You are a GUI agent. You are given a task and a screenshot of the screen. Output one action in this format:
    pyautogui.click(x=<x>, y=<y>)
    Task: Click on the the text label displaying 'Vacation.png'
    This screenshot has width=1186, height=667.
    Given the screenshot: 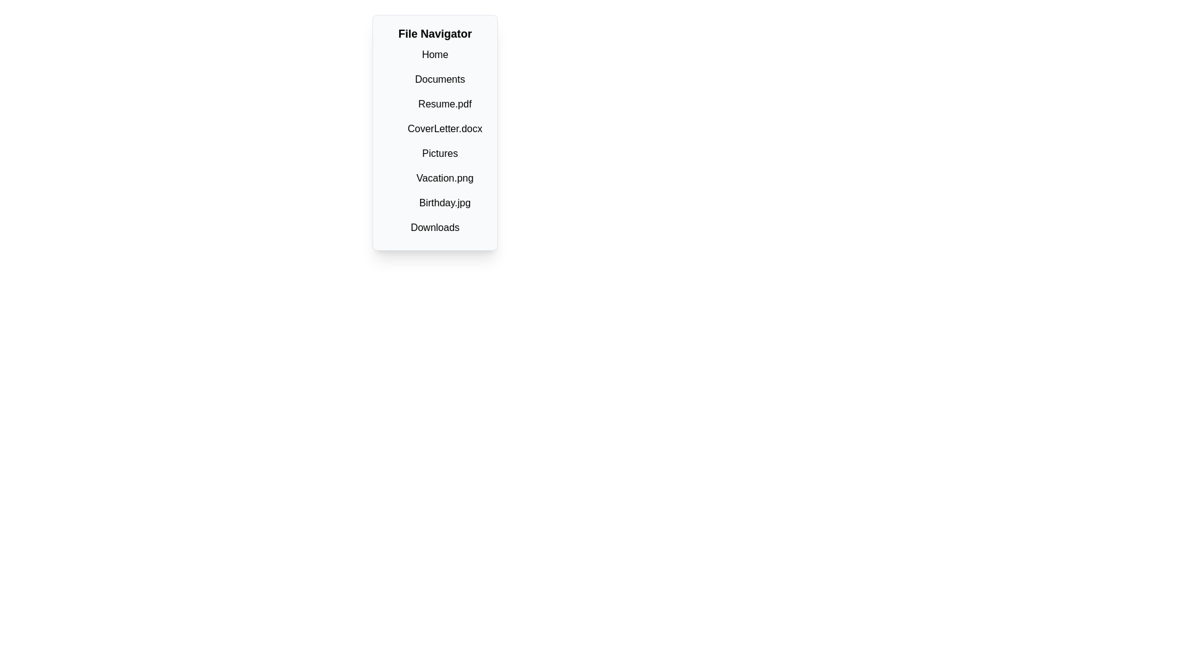 What is the action you would take?
    pyautogui.click(x=445, y=178)
    